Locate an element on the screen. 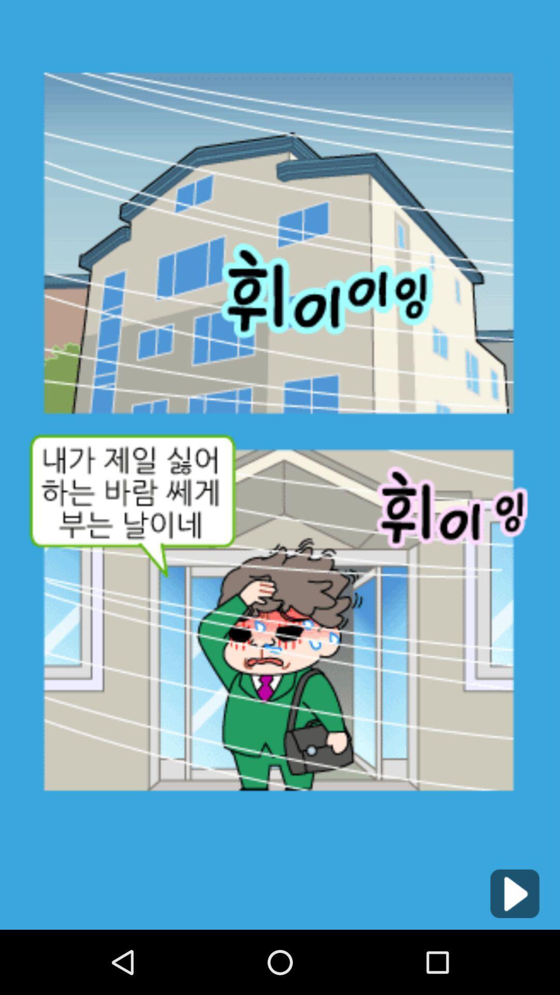 Image resolution: width=560 pixels, height=995 pixels. go next is located at coordinates (514, 893).